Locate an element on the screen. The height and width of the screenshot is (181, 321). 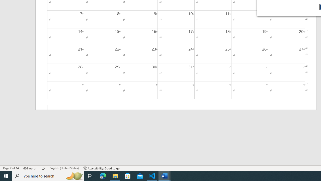
'Microsoft Edge' is located at coordinates (103, 175).